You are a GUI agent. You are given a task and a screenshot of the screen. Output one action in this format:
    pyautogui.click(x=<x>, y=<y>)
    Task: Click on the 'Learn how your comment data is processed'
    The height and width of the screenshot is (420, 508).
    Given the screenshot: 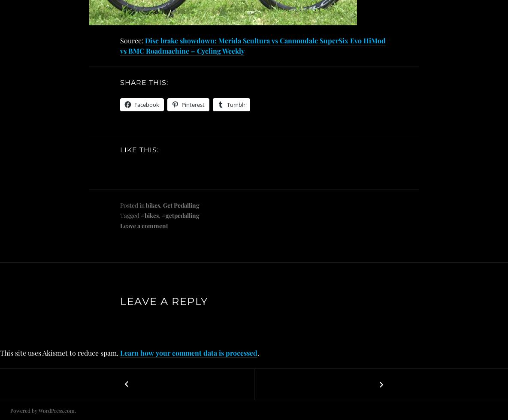 What is the action you would take?
    pyautogui.click(x=188, y=352)
    